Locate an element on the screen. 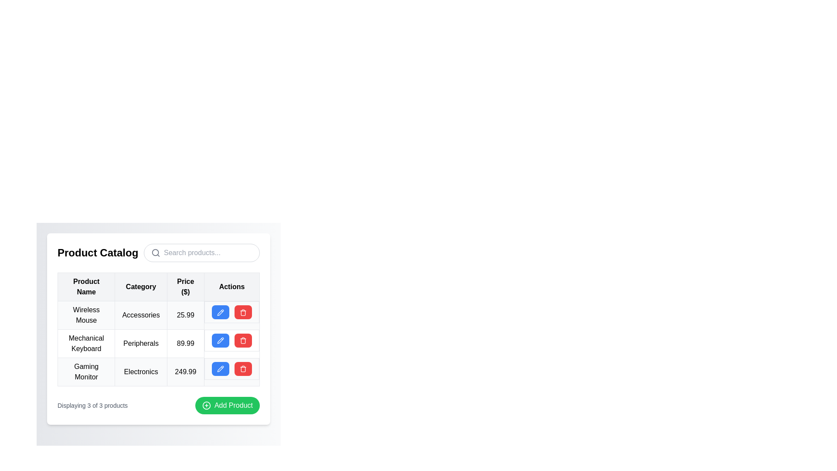 The height and width of the screenshot is (471, 837). text label 'Gaming Monitor' located in the third row under the 'Product Name' column of the table is located at coordinates (86, 372).